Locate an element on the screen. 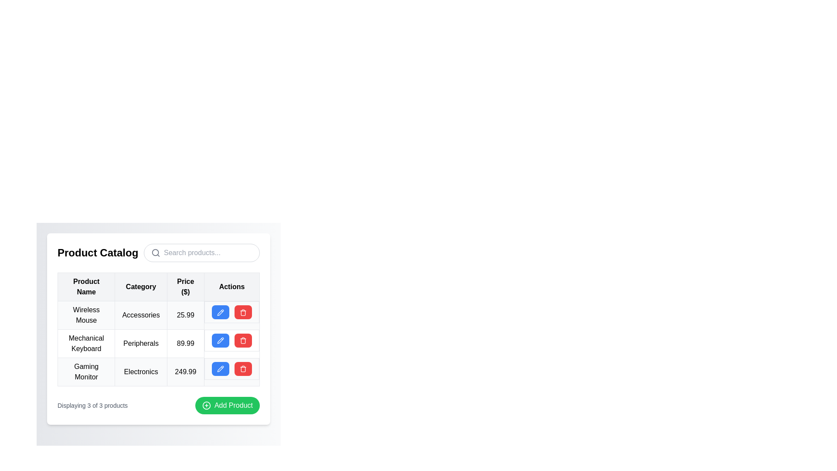 The height and width of the screenshot is (471, 837). text label 'Gaming Monitor' located in the third row under the 'Product Name' column of the table is located at coordinates (86, 372).